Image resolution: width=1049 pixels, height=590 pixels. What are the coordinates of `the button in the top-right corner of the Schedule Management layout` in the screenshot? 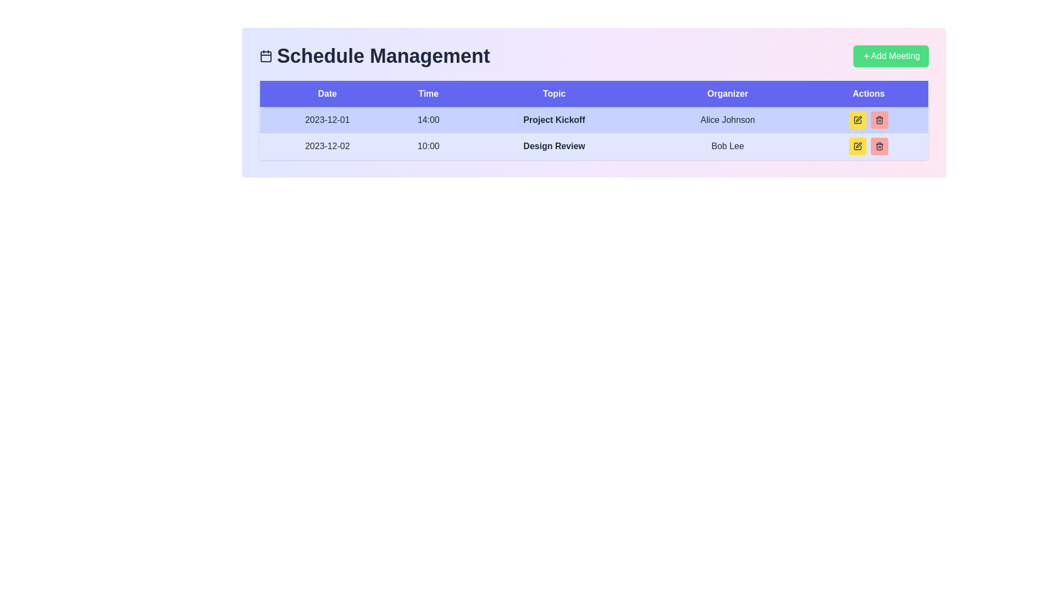 It's located at (891, 56).